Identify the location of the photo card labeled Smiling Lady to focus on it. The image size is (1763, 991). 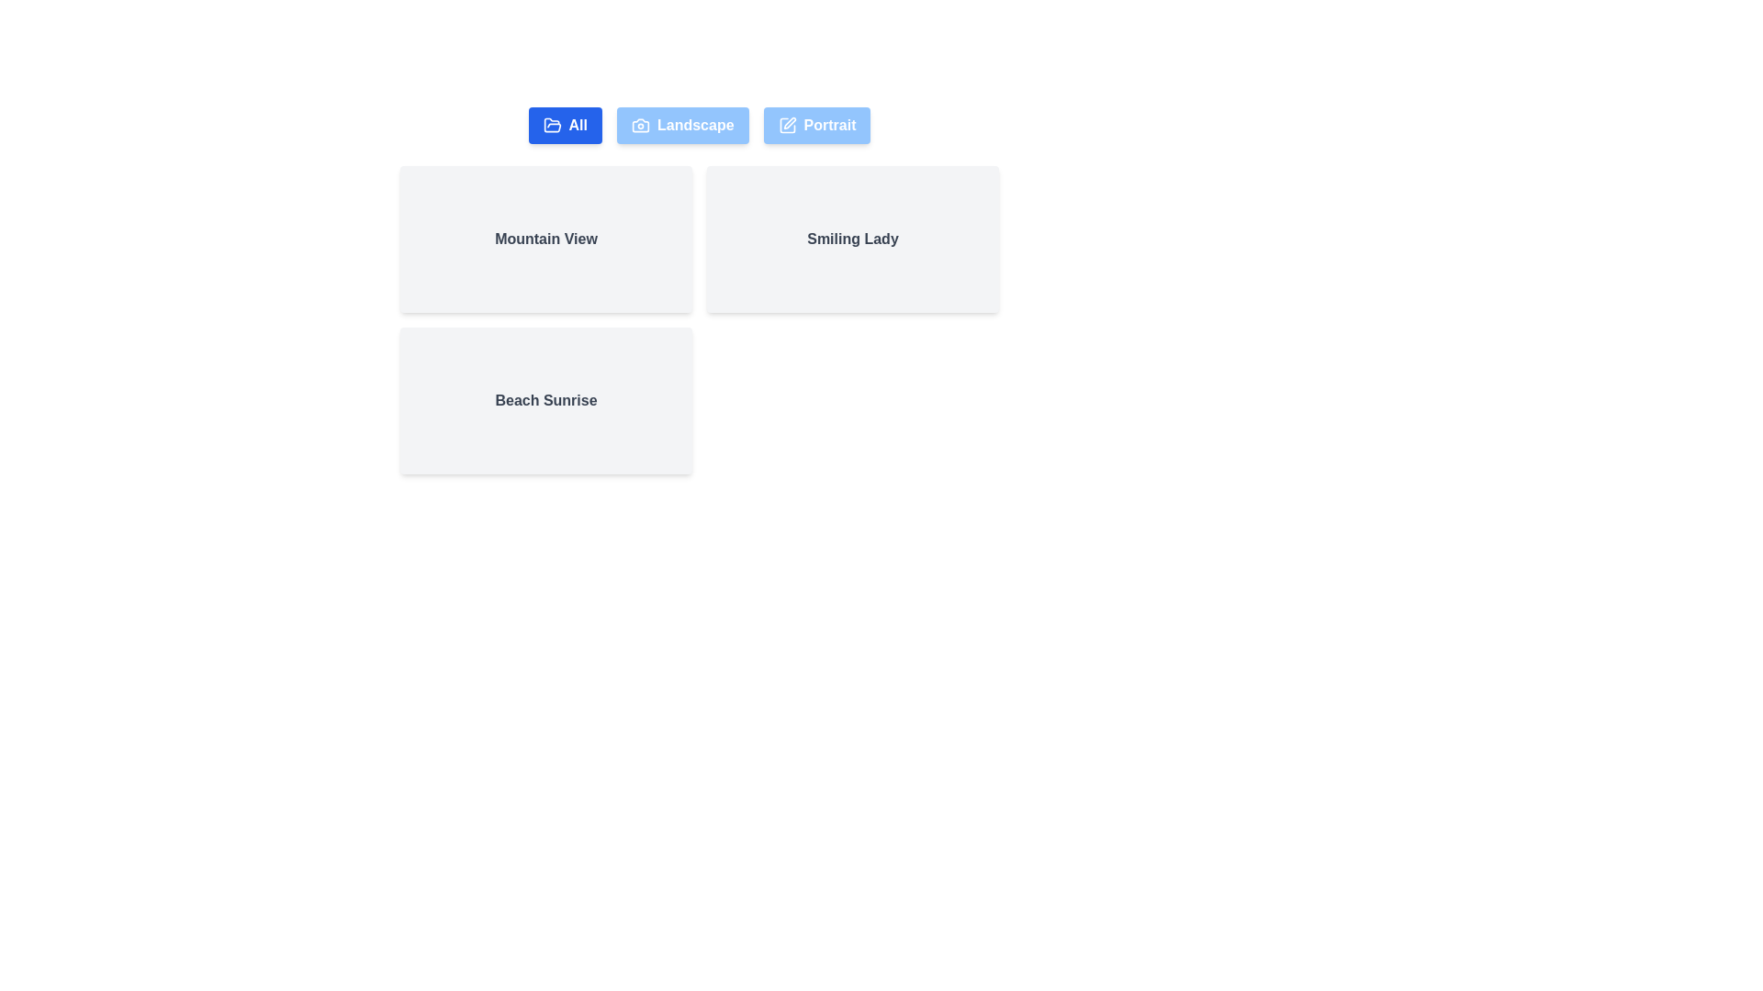
(852, 239).